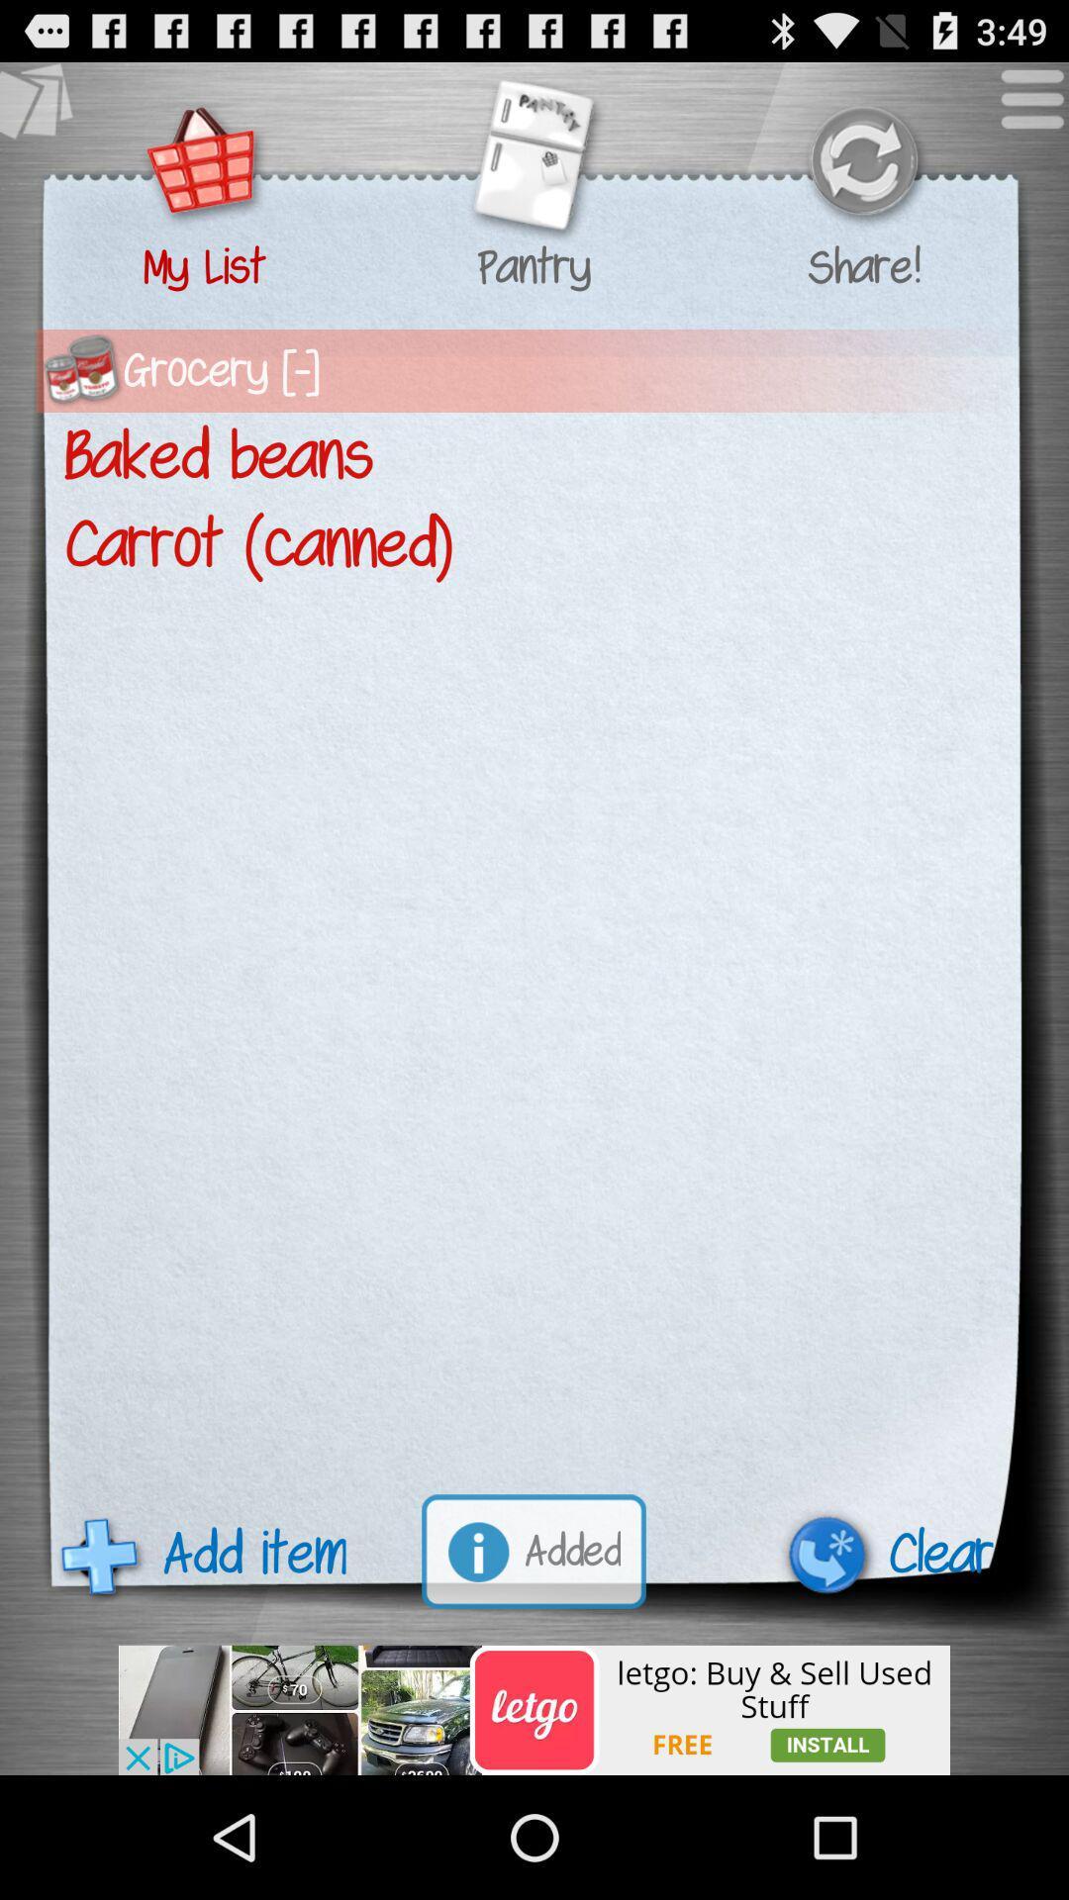 The image size is (1069, 1900). I want to click on my list pantry share, so click(533, 163).